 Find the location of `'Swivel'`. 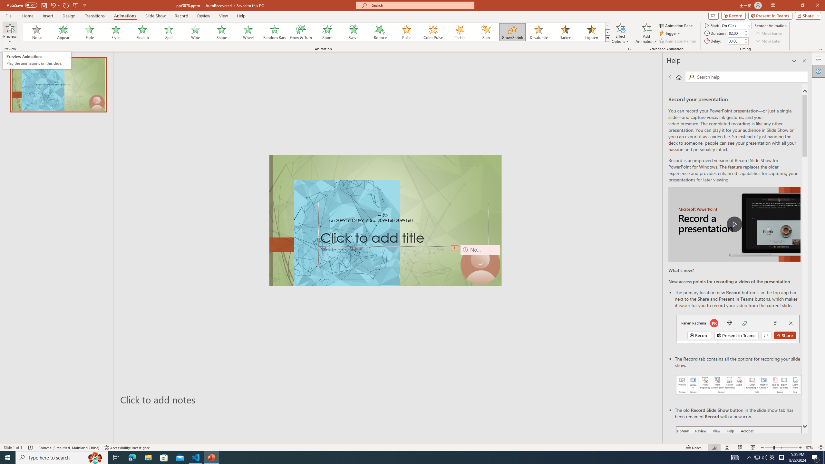

'Swivel' is located at coordinates (354, 32).